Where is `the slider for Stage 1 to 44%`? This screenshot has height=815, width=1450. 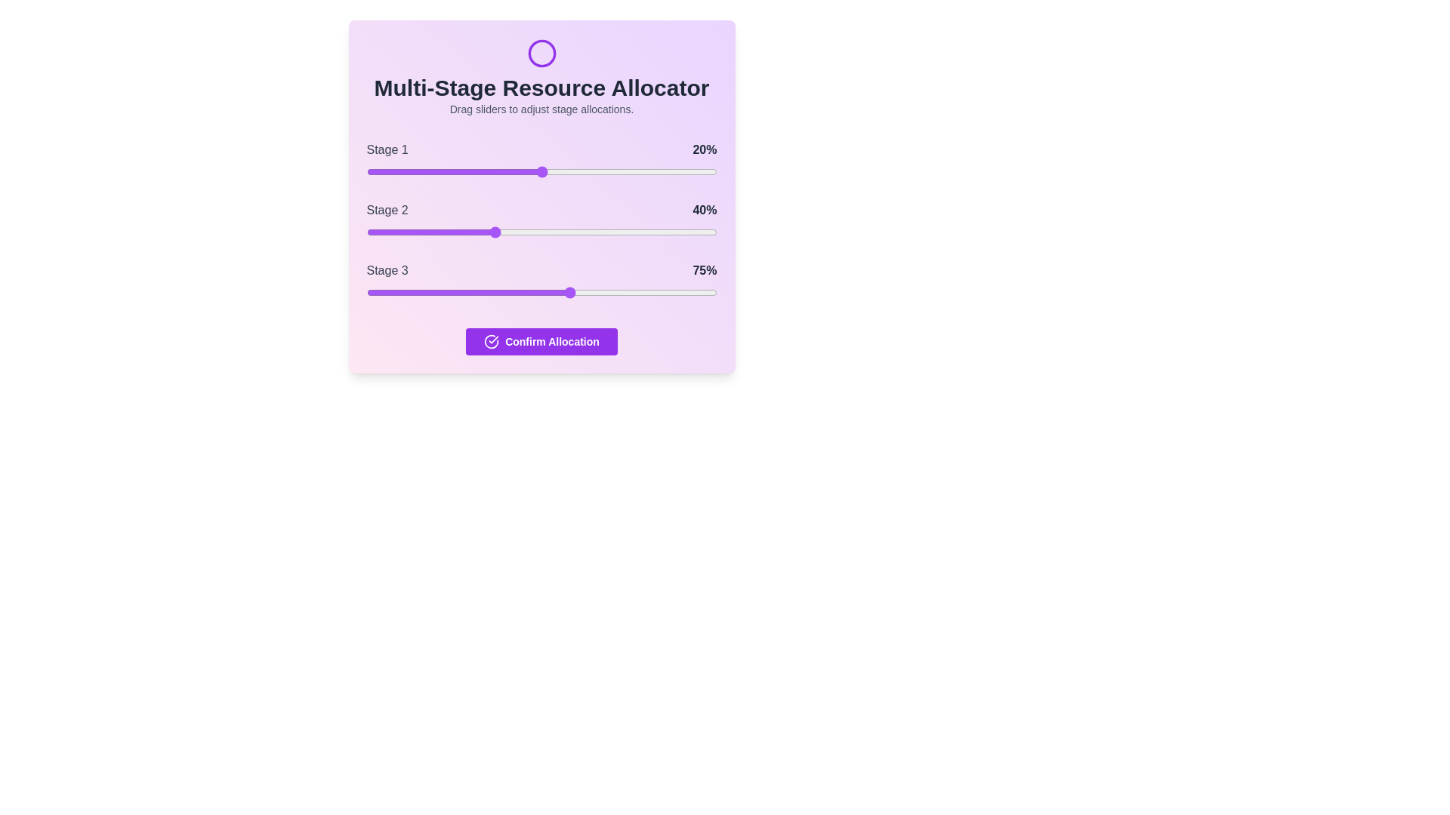 the slider for Stage 1 to 44% is located at coordinates (520, 171).